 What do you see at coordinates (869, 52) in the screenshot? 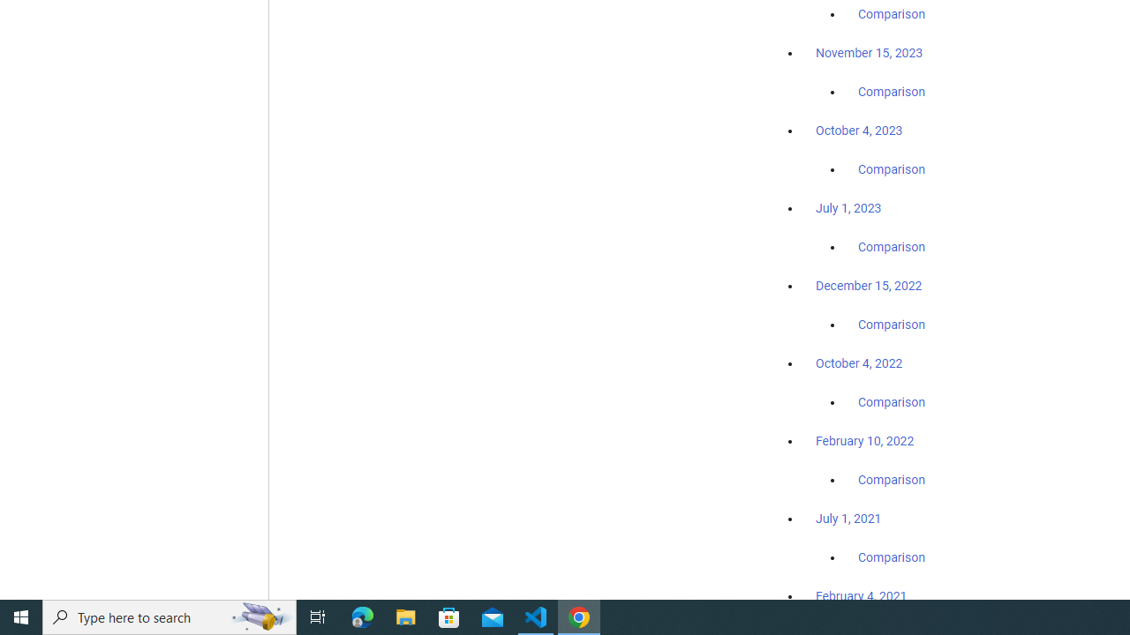
I see `'November 15, 2023'` at bounding box center [869, 52].